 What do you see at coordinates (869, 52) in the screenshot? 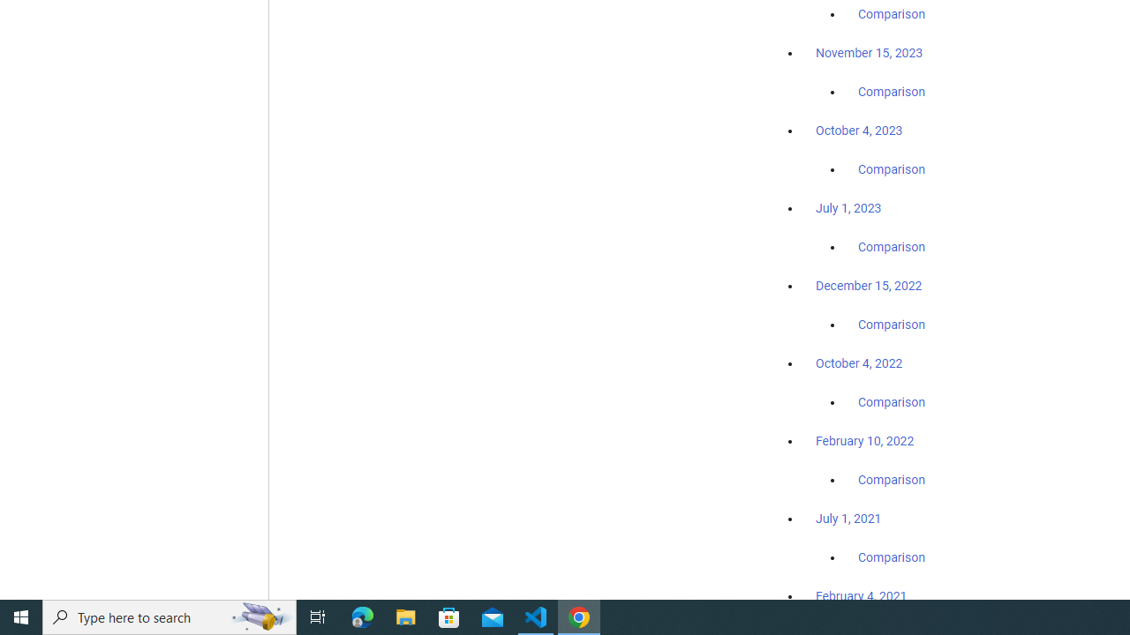
I see `'November 15, 2023'` at bounding box center [869, 52].